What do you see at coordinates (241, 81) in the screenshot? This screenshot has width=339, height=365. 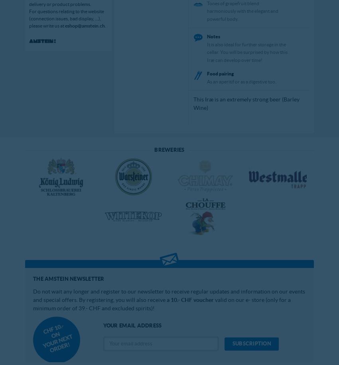 I see `'As an aperitif or as a digestive too.'` at bounding box center [241, 81].